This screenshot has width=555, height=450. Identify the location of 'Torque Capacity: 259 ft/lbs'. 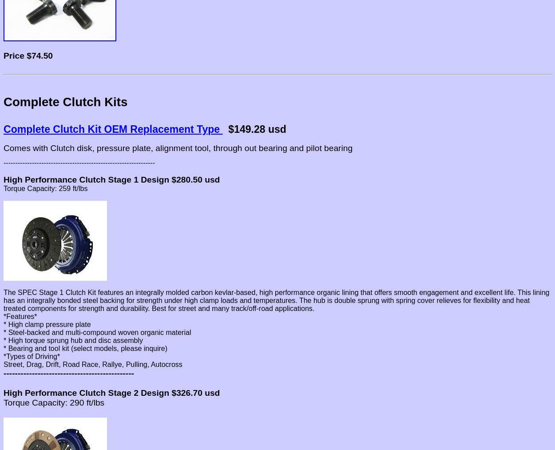
(45, 188).